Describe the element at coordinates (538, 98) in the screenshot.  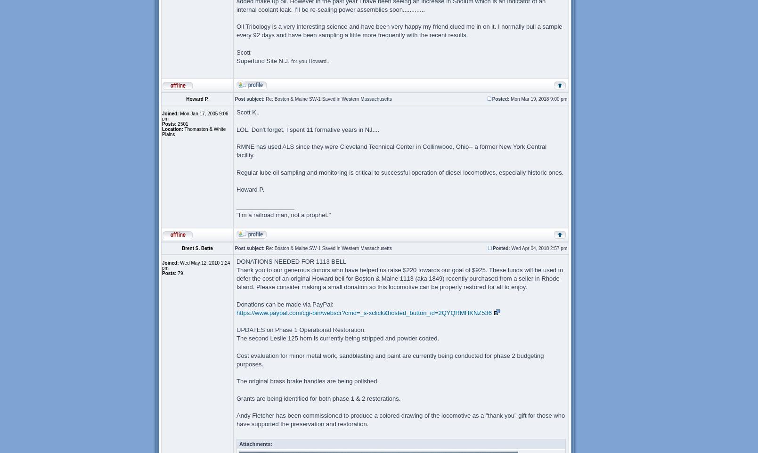
I see `'Mon Mar 19, 2018 9:00 pm'` at that location.